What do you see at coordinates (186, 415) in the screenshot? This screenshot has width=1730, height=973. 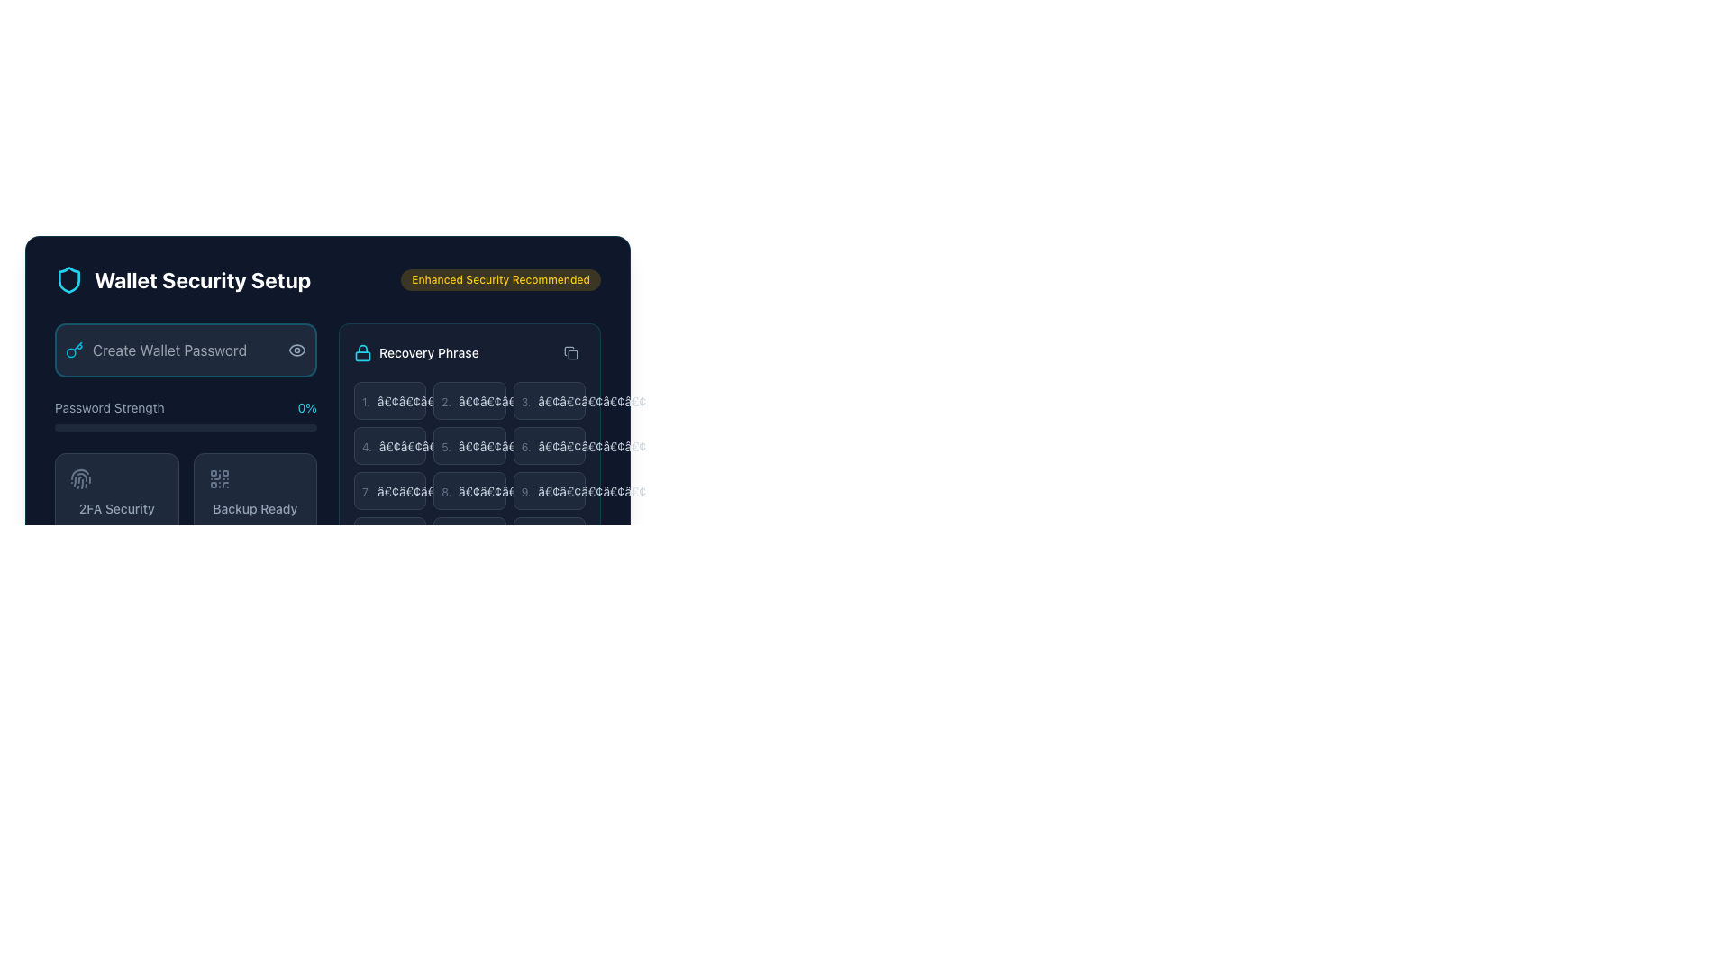 I see `the Password strength indicator located beneath the 'Create Wallet Password' section in the 'Wallet Security Setup' layout` at bounding box center [186, 415].